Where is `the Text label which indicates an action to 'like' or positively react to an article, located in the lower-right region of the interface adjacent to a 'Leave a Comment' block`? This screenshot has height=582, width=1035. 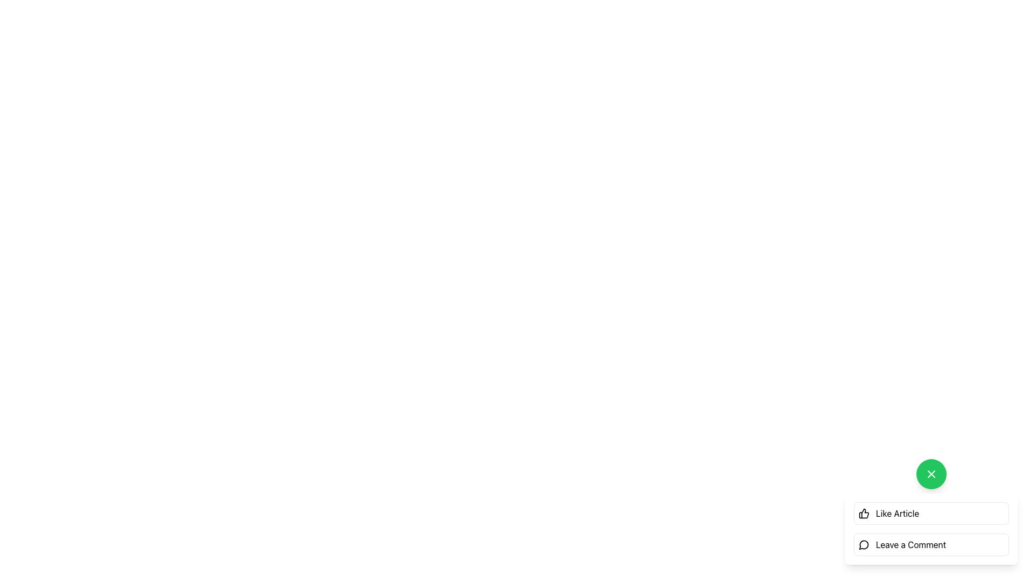
the Text label which indicates an action to 'like' or positively react to an article, located in the lower-right region of the interface adjacent to a 'Leave a Comment' block is located at coordinates (898, 512).